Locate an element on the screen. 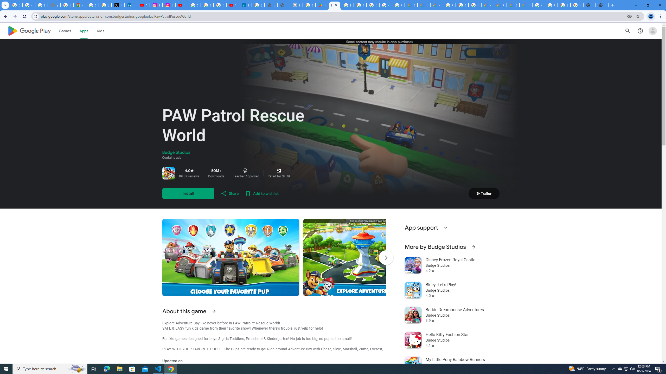 Image resolution: width=666 pixels, height=374 pixels. 'Expand' is located at coordinates (445, 228).